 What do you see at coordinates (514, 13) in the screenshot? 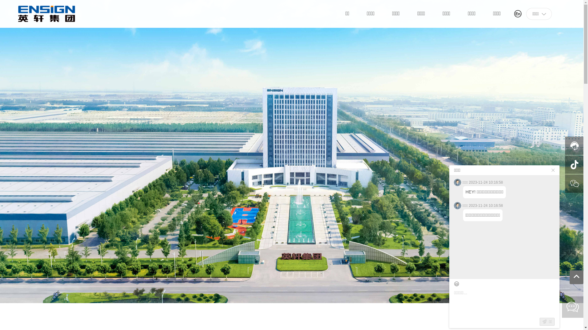
I see `'ENGLISH'` at bounding box center [514, 13].